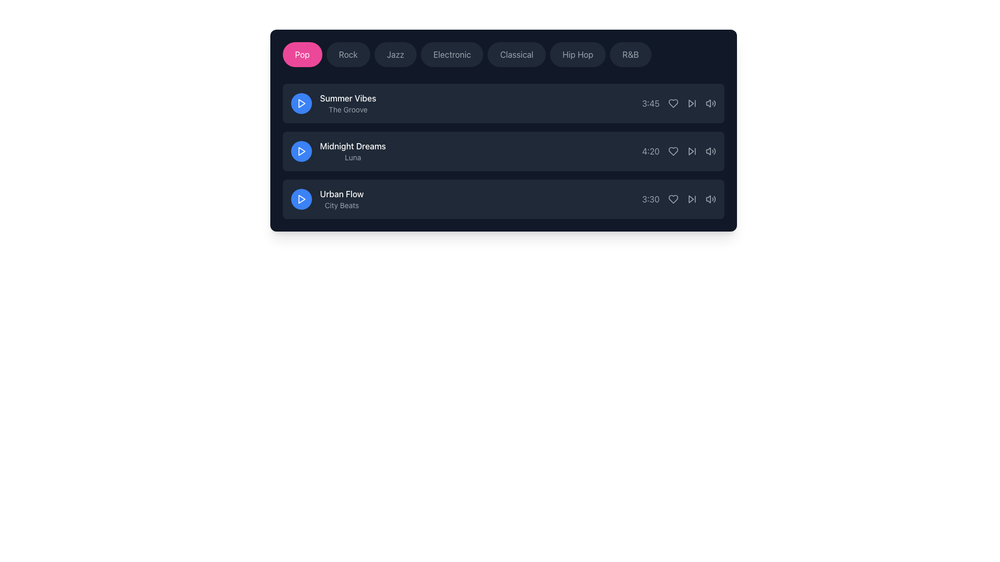 The height and width of the screenshot is (562, 1000). I want to click on the 'Skip Forward' button located to the right of the timestamp '4:20', which is the fourth interactive element in the playback controls of the second music track, so click(692, 151).